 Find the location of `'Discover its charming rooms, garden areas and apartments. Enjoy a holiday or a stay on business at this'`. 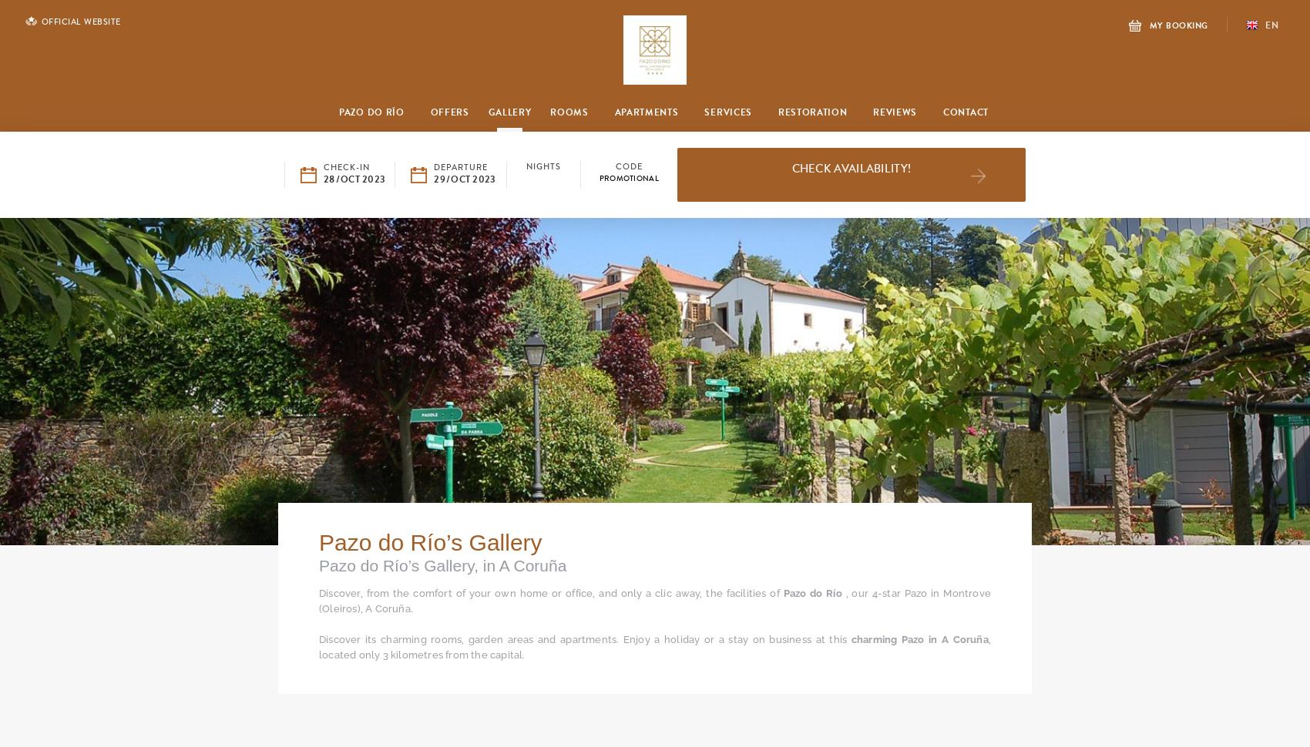

'Discover its charming rooms, garden areas and apartments. Enjoy a holiday or a stay on business at this' is located at coordinates (584, 638).